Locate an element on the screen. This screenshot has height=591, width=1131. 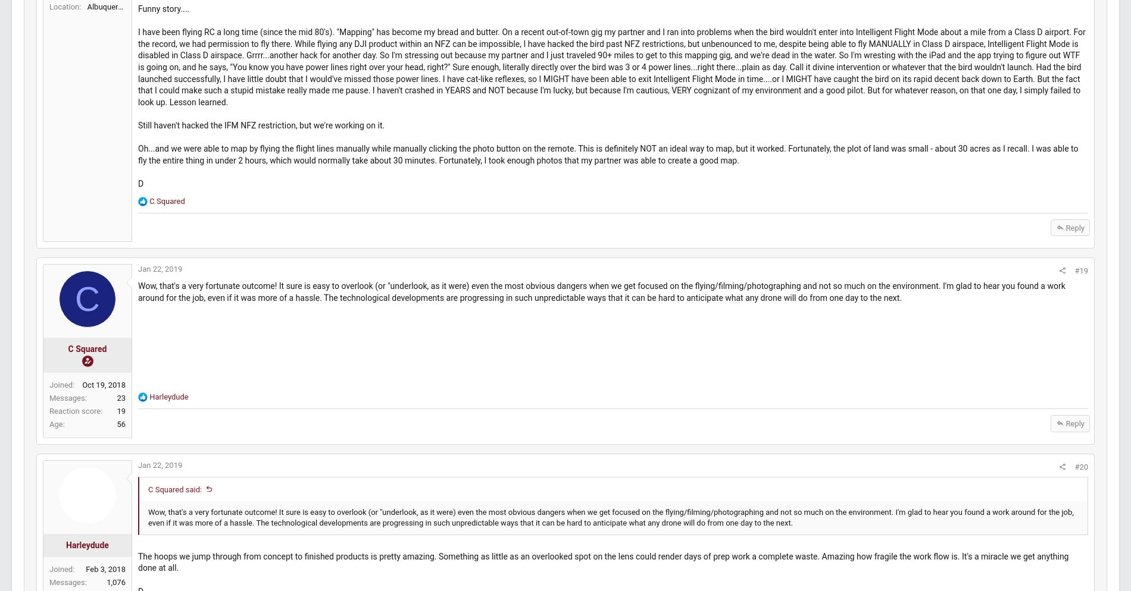
'56' is located at coordinates (144, 496).